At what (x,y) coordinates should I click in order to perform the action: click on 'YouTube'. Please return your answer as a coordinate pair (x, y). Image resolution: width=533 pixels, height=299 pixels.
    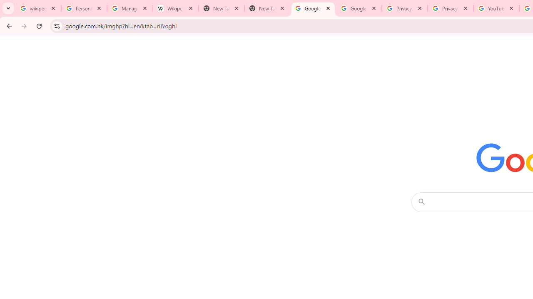
    Looking at the image, I should click on (496, 8).